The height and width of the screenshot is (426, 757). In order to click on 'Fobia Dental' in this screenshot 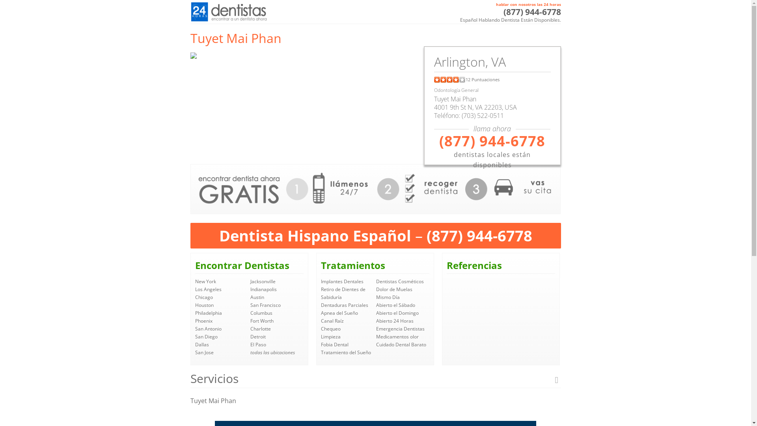, I will do `click(335, 344)`.